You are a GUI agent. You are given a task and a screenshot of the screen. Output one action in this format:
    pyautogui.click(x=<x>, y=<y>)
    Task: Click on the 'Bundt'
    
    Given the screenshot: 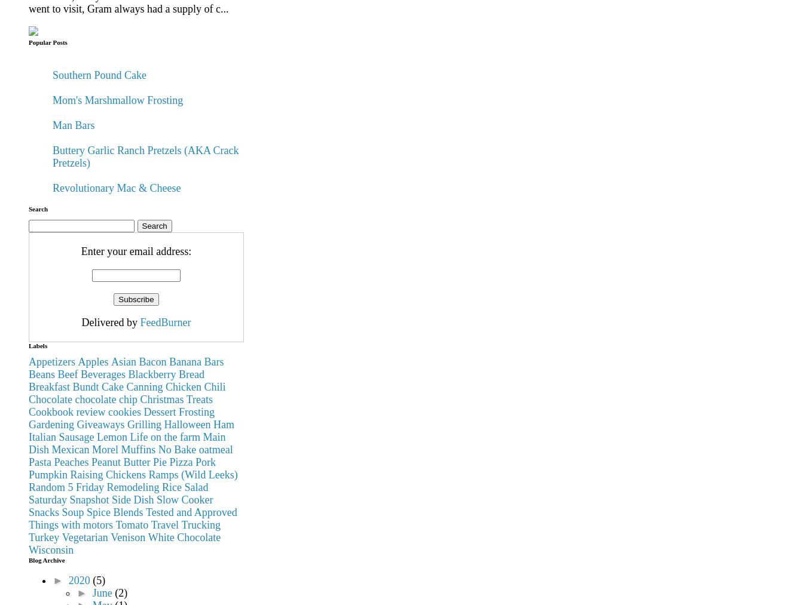 What is the action you would take?
    pyautogui.click(x=85, y=386)
    